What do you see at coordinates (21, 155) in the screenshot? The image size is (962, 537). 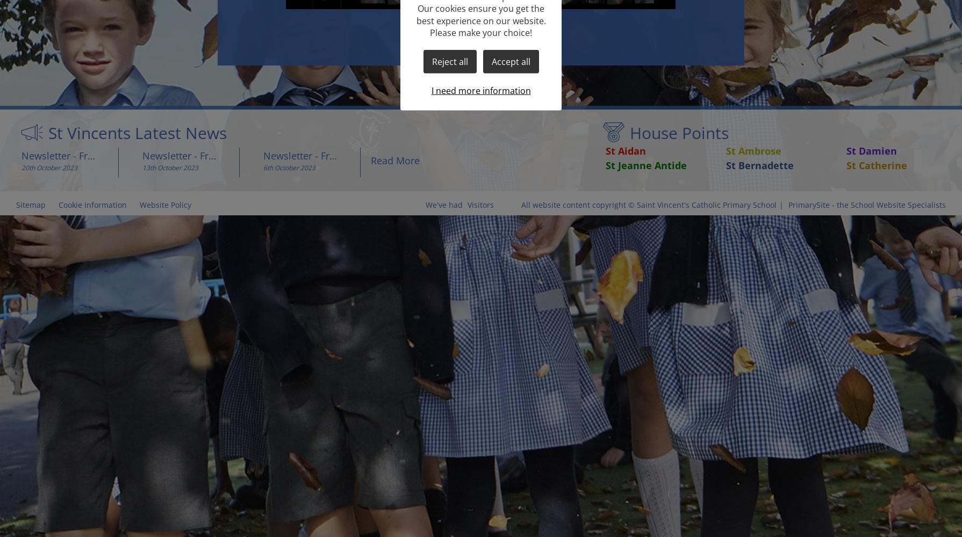 I see `'Newsletter - Friday 20th October 2023'` at bounding box center [21, 155].